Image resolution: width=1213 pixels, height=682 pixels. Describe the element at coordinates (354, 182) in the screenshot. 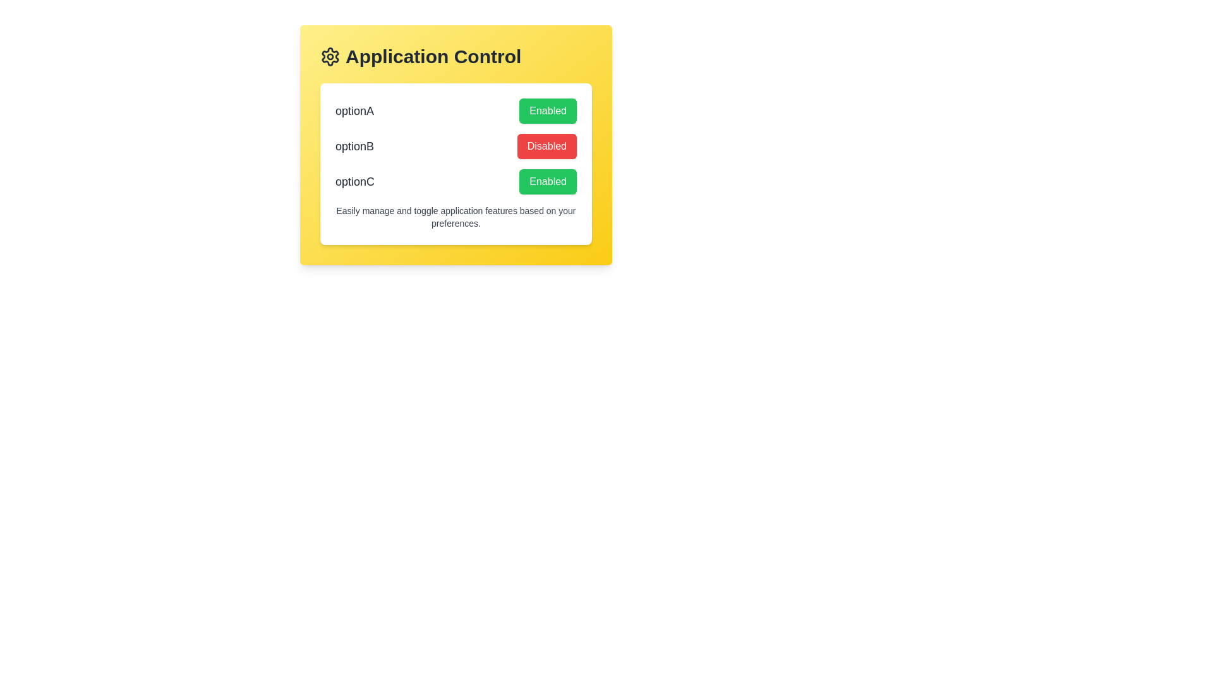

I see `the Text Label displaying 'optionC', which is styled in large gray font on a white background, located within the 'Application Control' panel, aligned left of the 'Enabled' button` at that location.